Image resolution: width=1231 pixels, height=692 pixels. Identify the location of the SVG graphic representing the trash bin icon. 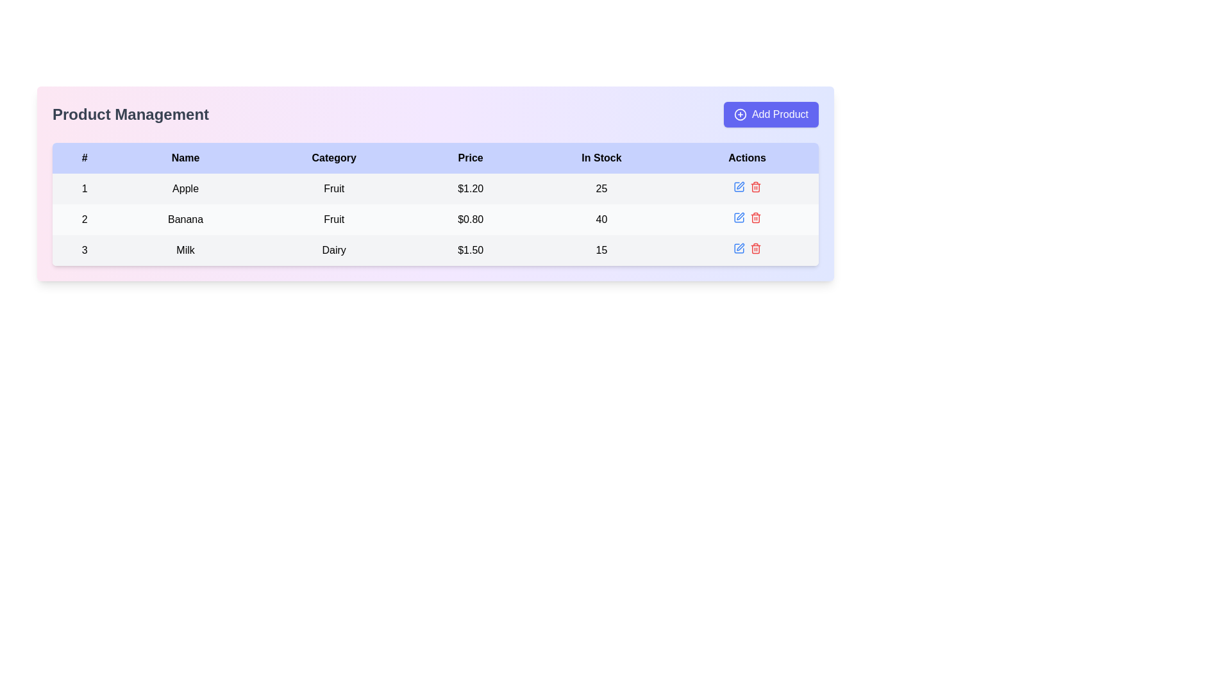
(755, 218).